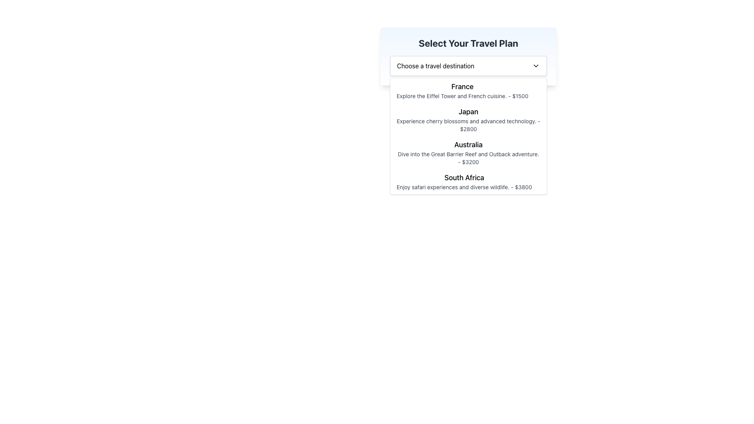  I want to click on the first item in the dropdown menu that provides information about a travel package to France, so click(469, 90).